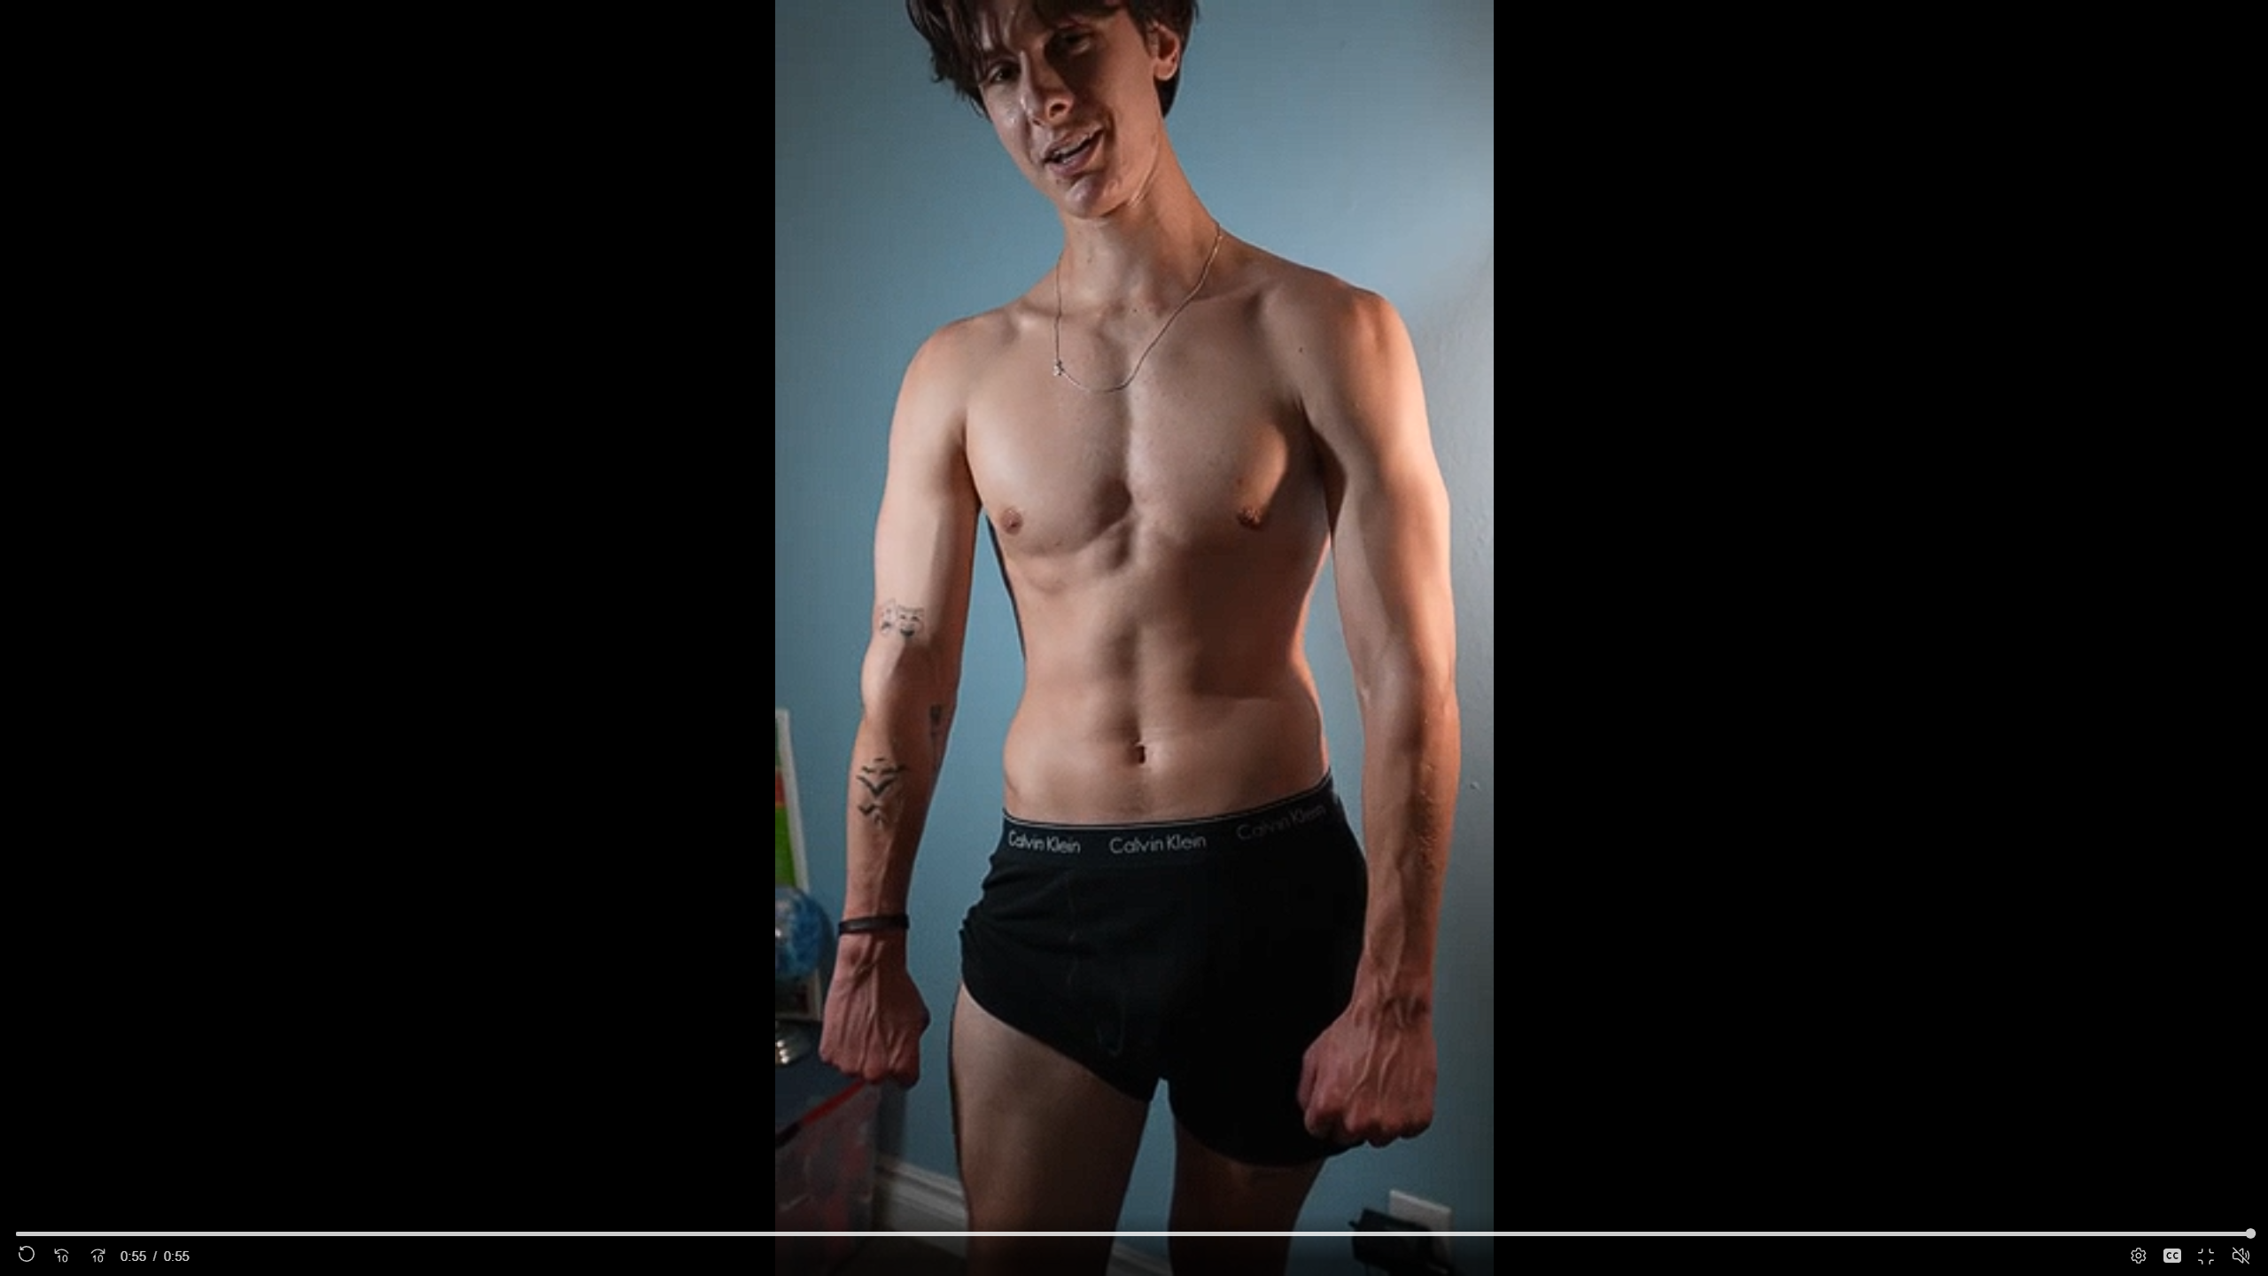  I want to click on 'Captions', so click(2171, 1256).